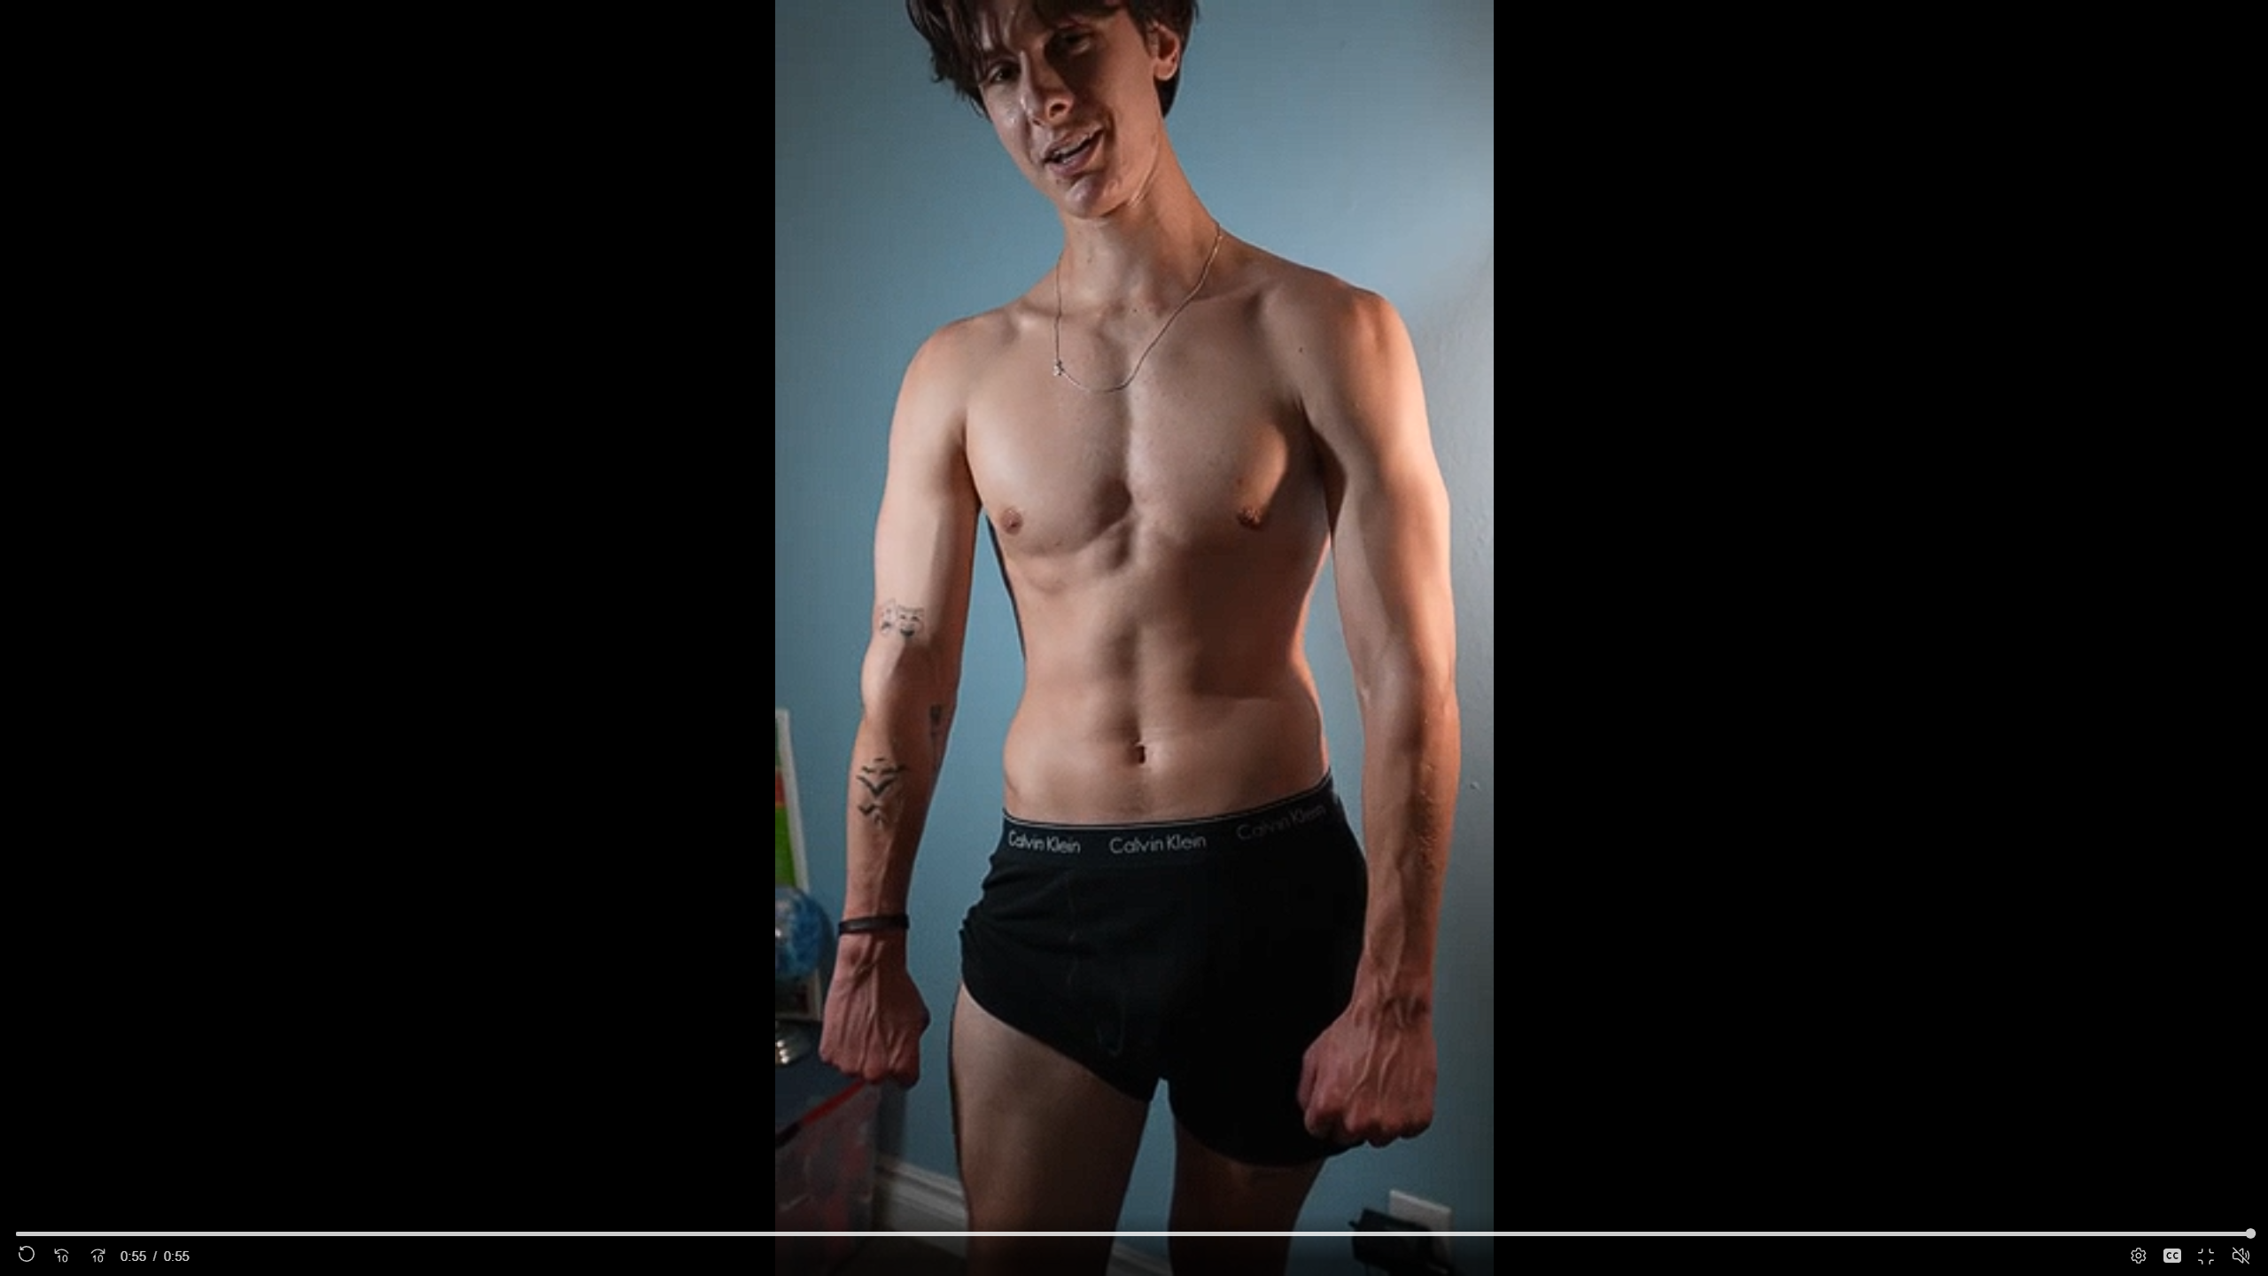  I want to click on 'Captions', so click(2171, 1256).